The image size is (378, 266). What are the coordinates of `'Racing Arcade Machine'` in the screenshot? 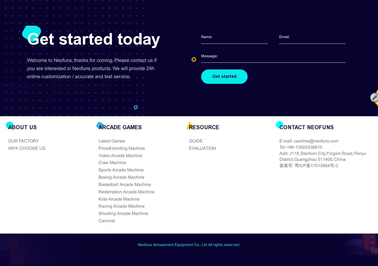 It's located at (122, 206).